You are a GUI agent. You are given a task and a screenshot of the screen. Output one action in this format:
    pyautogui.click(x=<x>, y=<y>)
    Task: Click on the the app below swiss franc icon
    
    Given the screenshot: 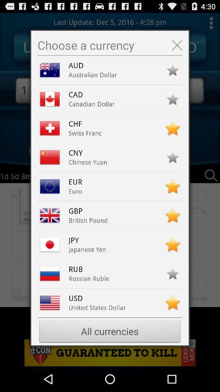 What is the action you would take?
    pyautogui.click(x=77, y=152)
    